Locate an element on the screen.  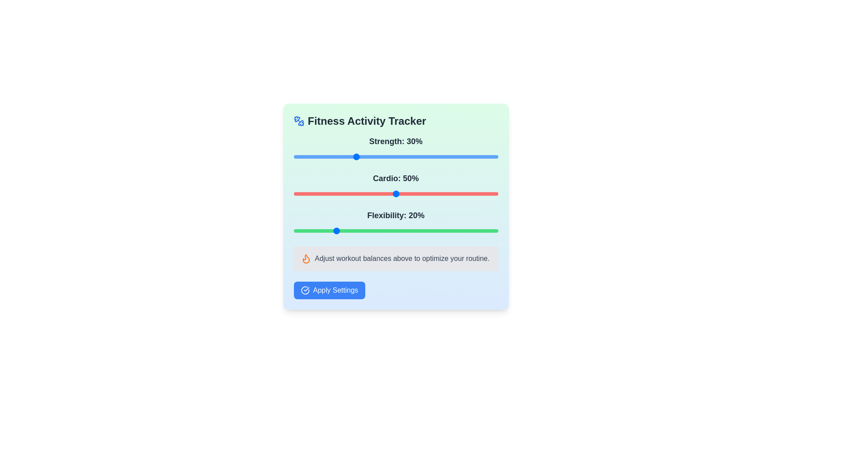
the slider value is located at coordinates (479, 156).